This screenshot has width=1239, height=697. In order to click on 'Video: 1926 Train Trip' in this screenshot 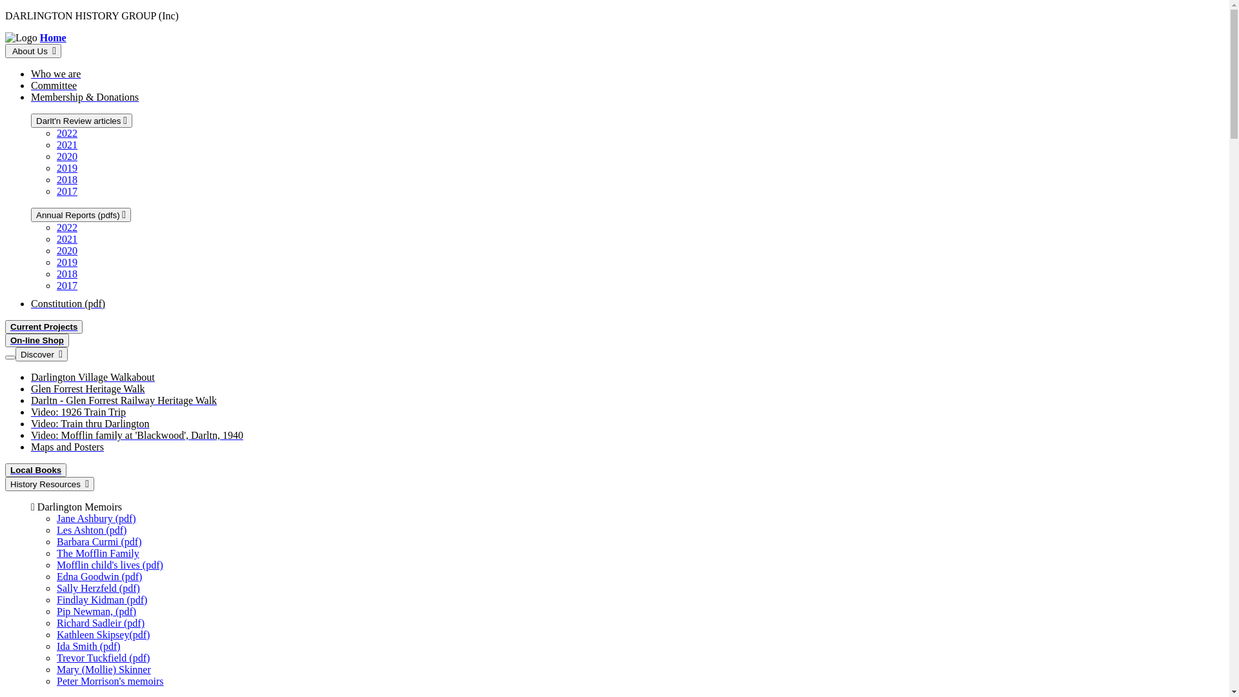, I will do `click(77, 412)`.